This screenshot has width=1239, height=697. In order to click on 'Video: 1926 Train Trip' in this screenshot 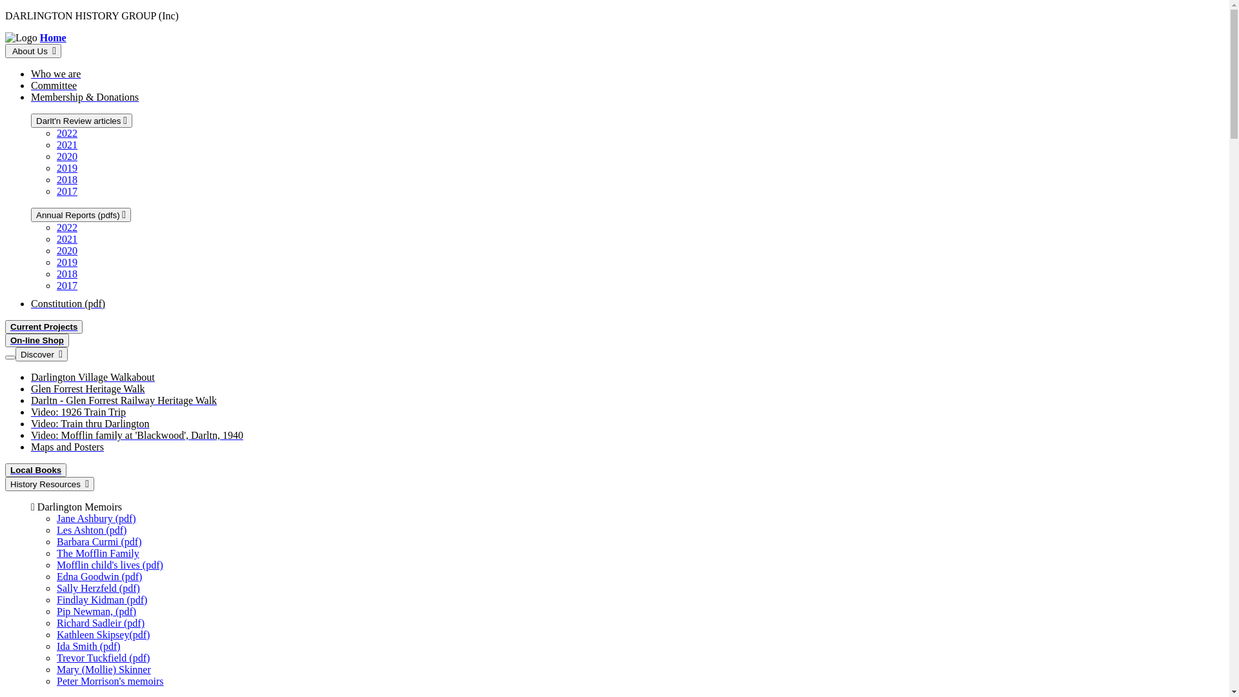, I will do `click(77, 412)`.